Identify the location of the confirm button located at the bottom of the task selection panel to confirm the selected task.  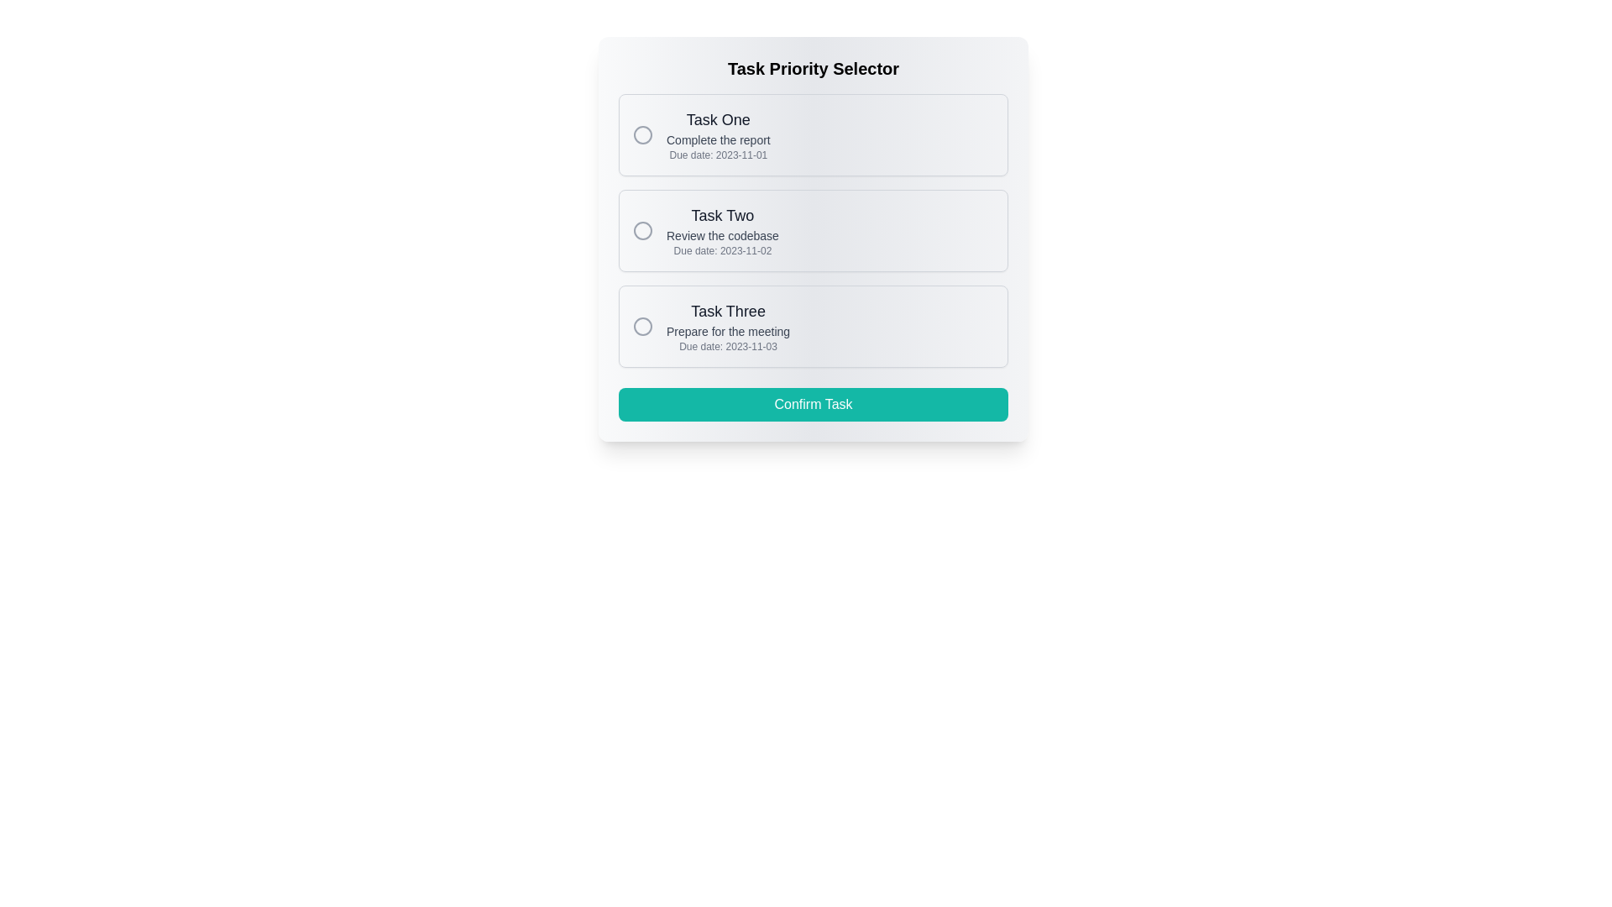
(814, 405).